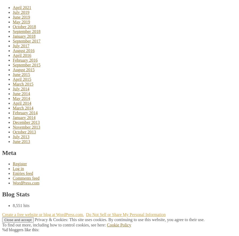  What do you see at coordinates (21, 93) in the screenshot?
I see `'June 2014'` at bounding box center [21, 93].